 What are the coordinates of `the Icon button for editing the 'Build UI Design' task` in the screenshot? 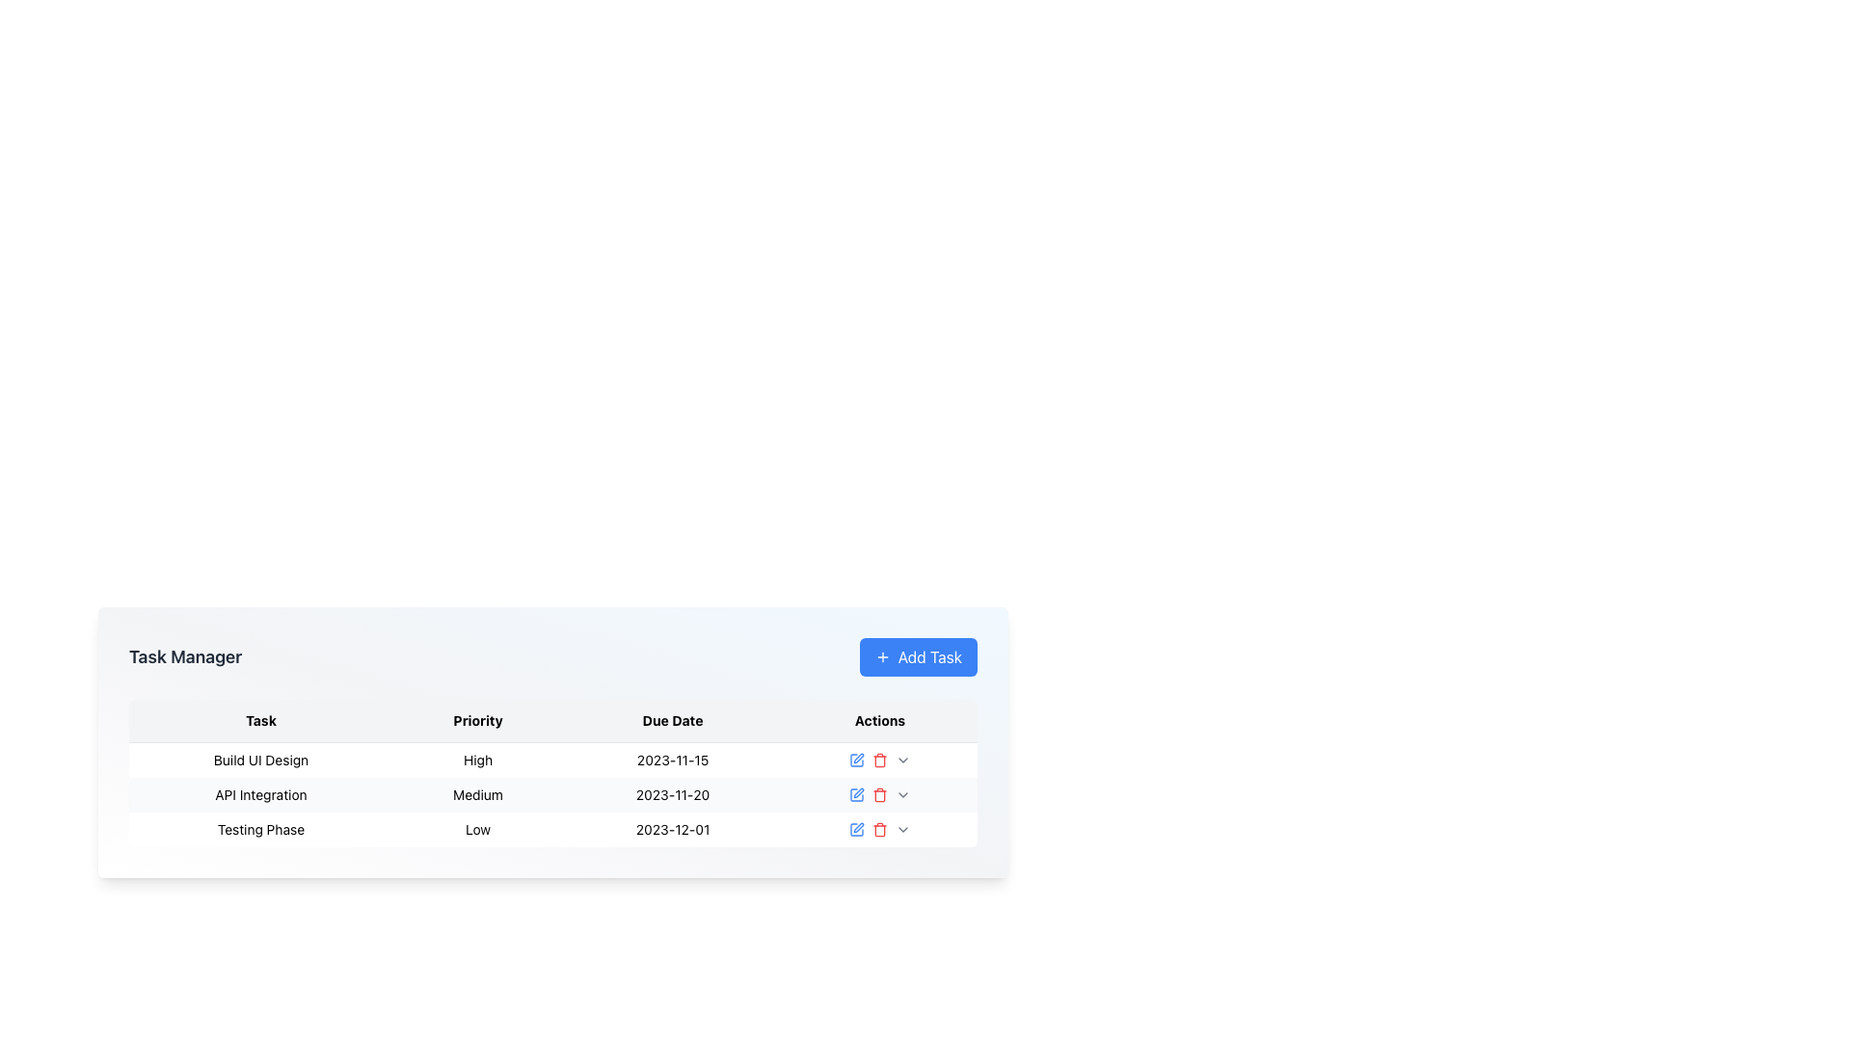 It's located at (858, 792).